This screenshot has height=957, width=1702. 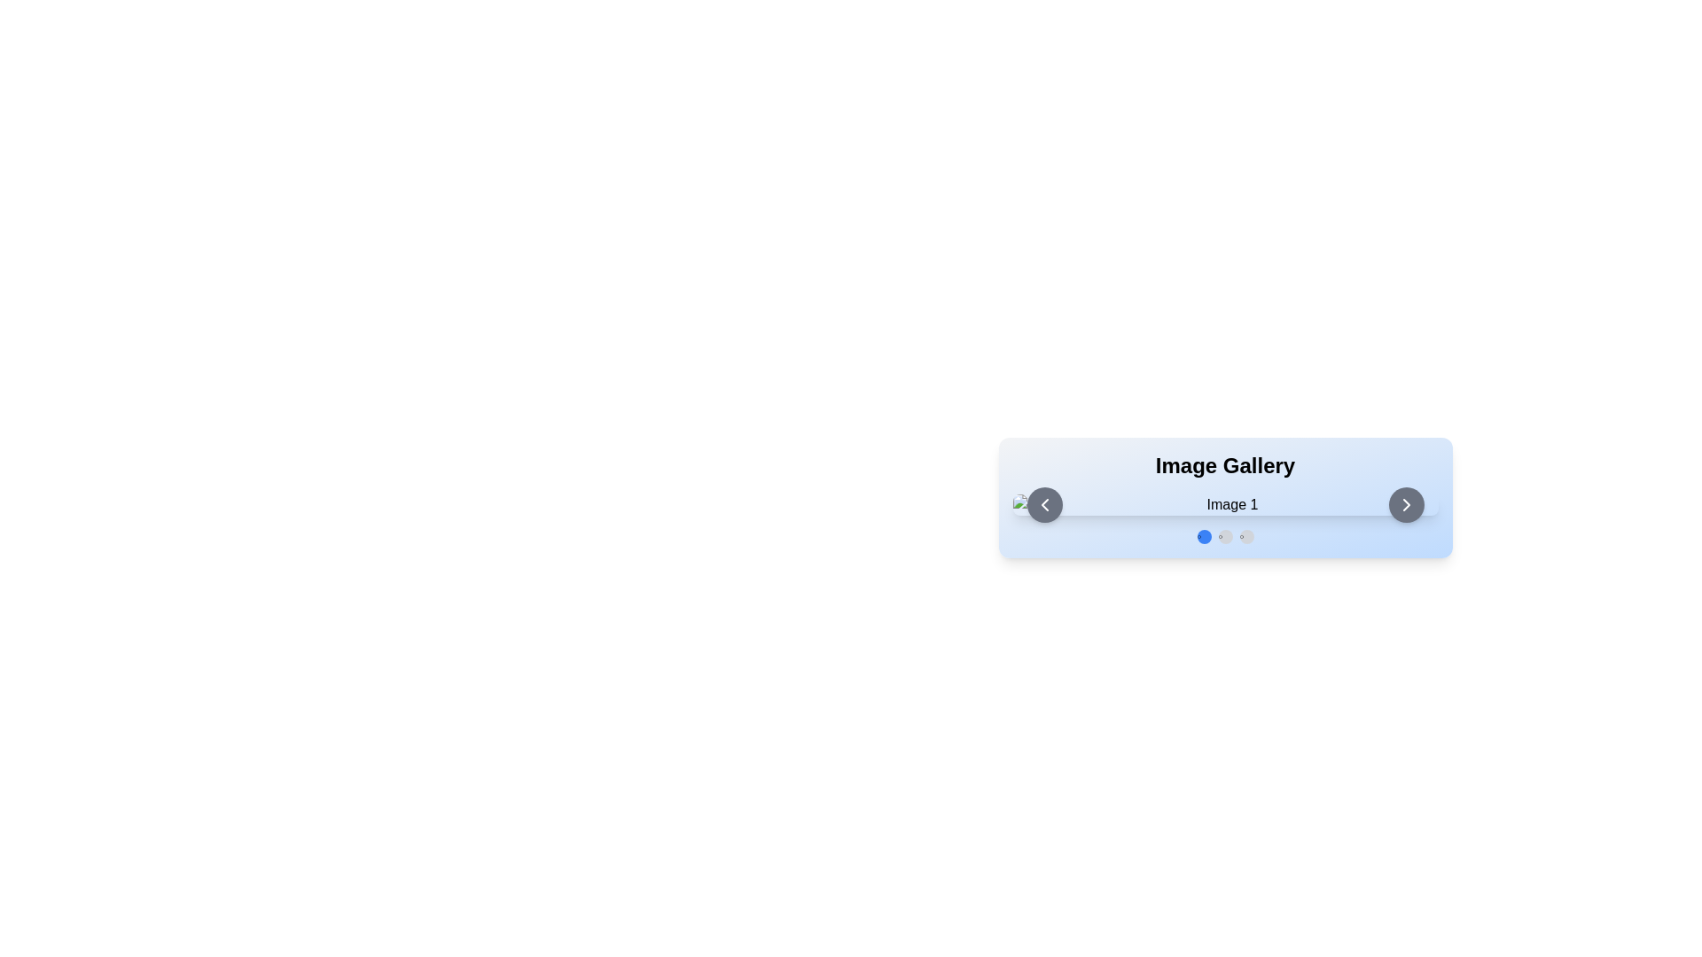 I want to click on the second circular button from the left in the horizontal row of three buttons located at the bottom center of the interface, so click(x=1224, y=535).